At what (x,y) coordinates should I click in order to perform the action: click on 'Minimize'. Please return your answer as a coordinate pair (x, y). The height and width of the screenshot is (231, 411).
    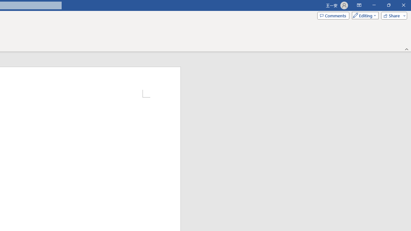
    Looking at the image, I should click on (374, 5).